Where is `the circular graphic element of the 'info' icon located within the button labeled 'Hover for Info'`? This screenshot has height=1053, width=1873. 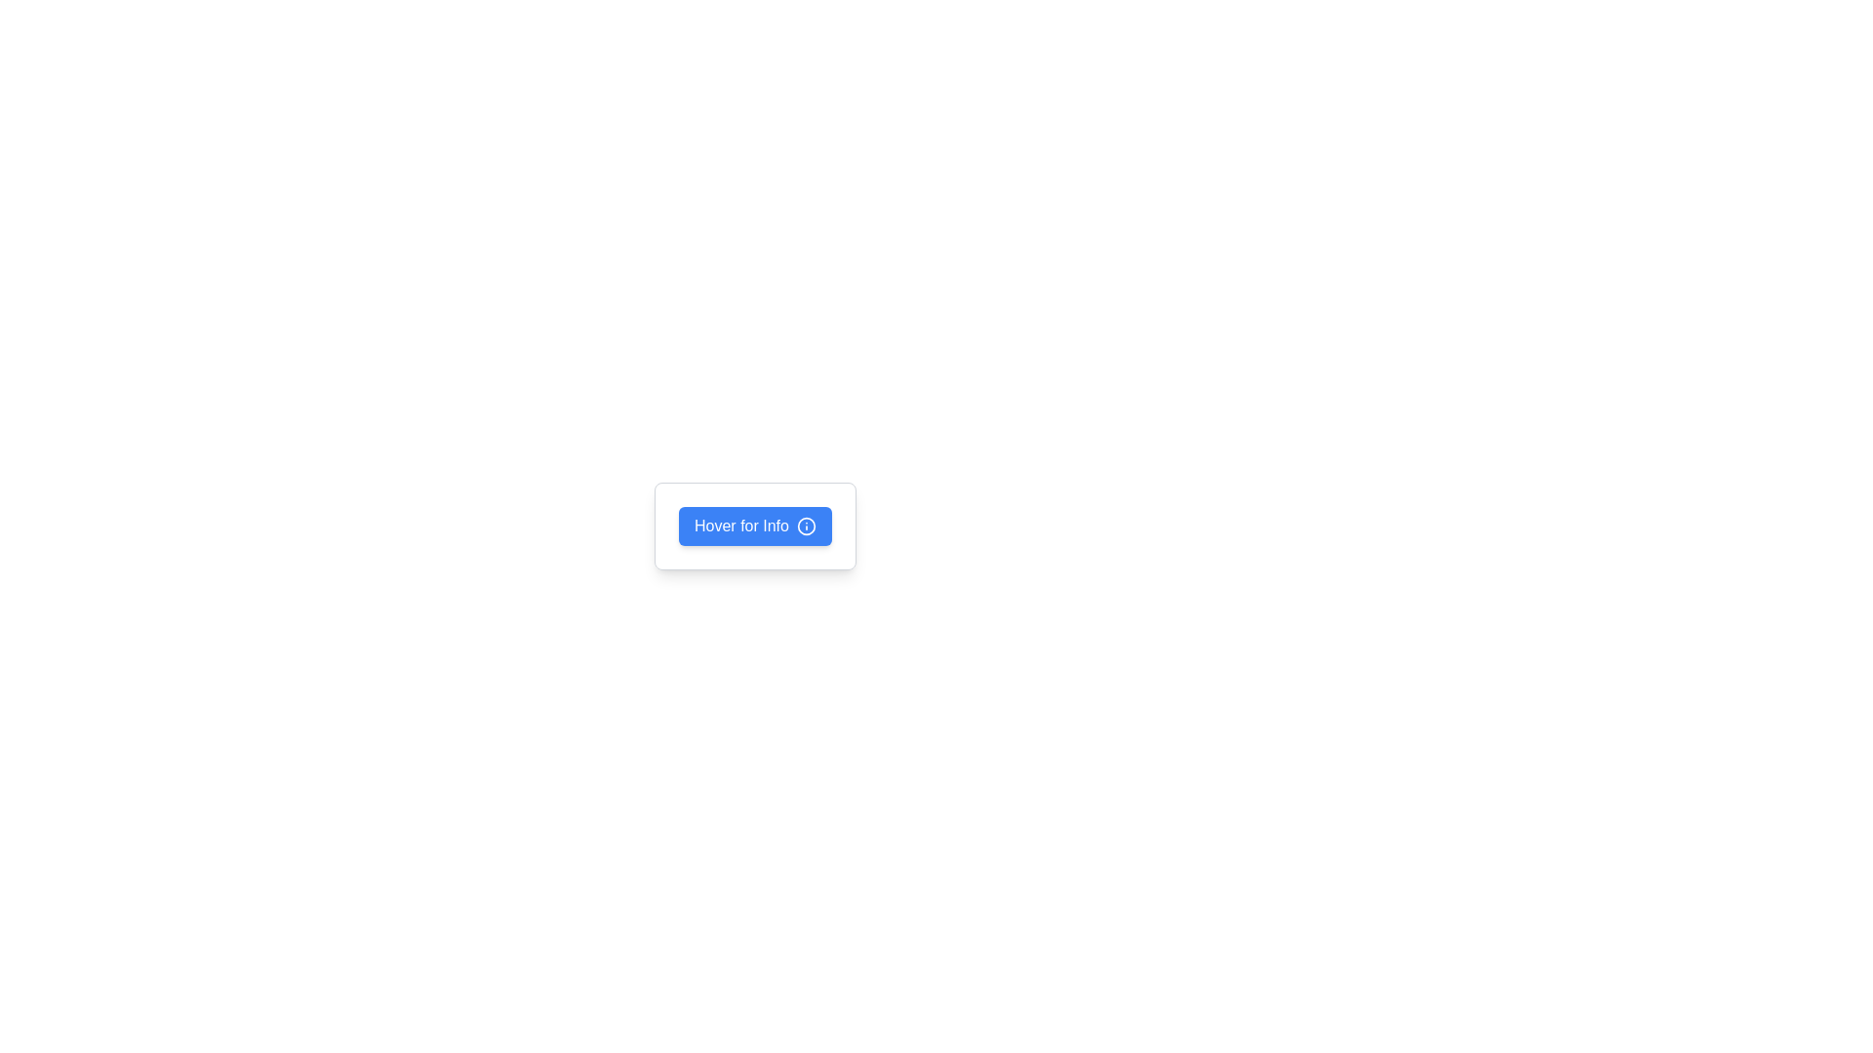
the circular graphic element of the 'info' icon located within the button labeled 'Hover for Info' is located at coordinates (806, 526).